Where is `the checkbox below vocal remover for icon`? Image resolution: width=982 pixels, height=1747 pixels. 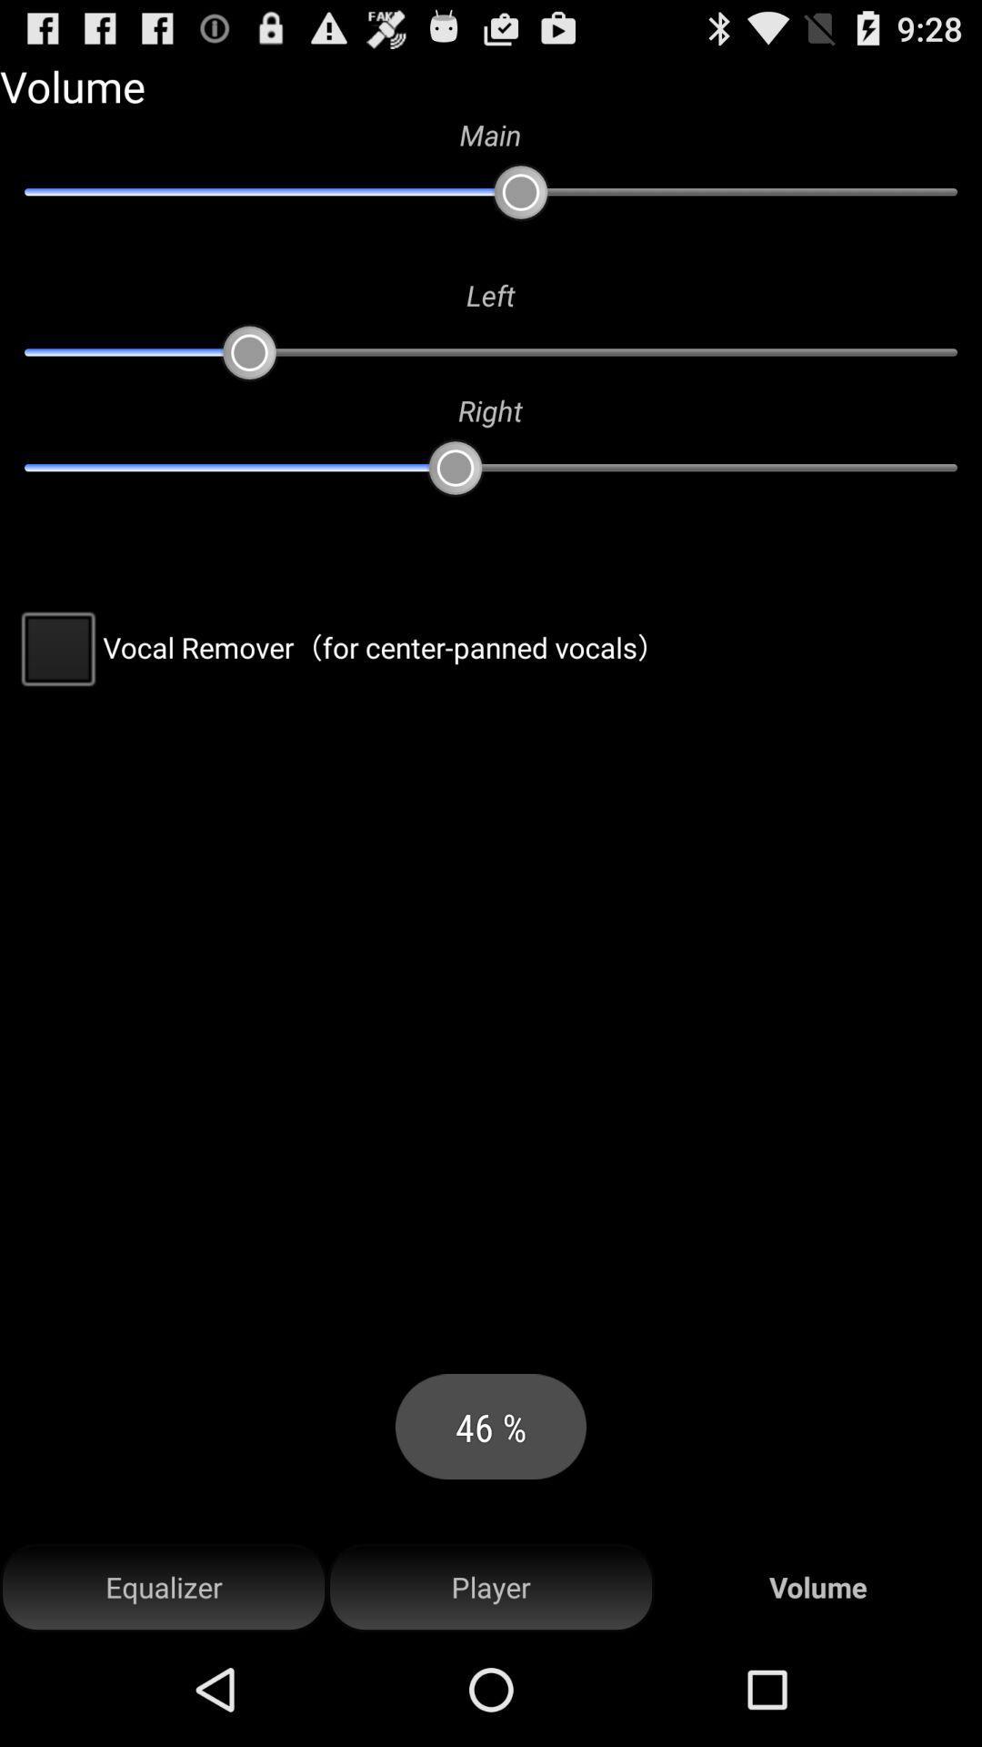 the checkbox below vocal remover for icon is located at coordinates (164, 1587).